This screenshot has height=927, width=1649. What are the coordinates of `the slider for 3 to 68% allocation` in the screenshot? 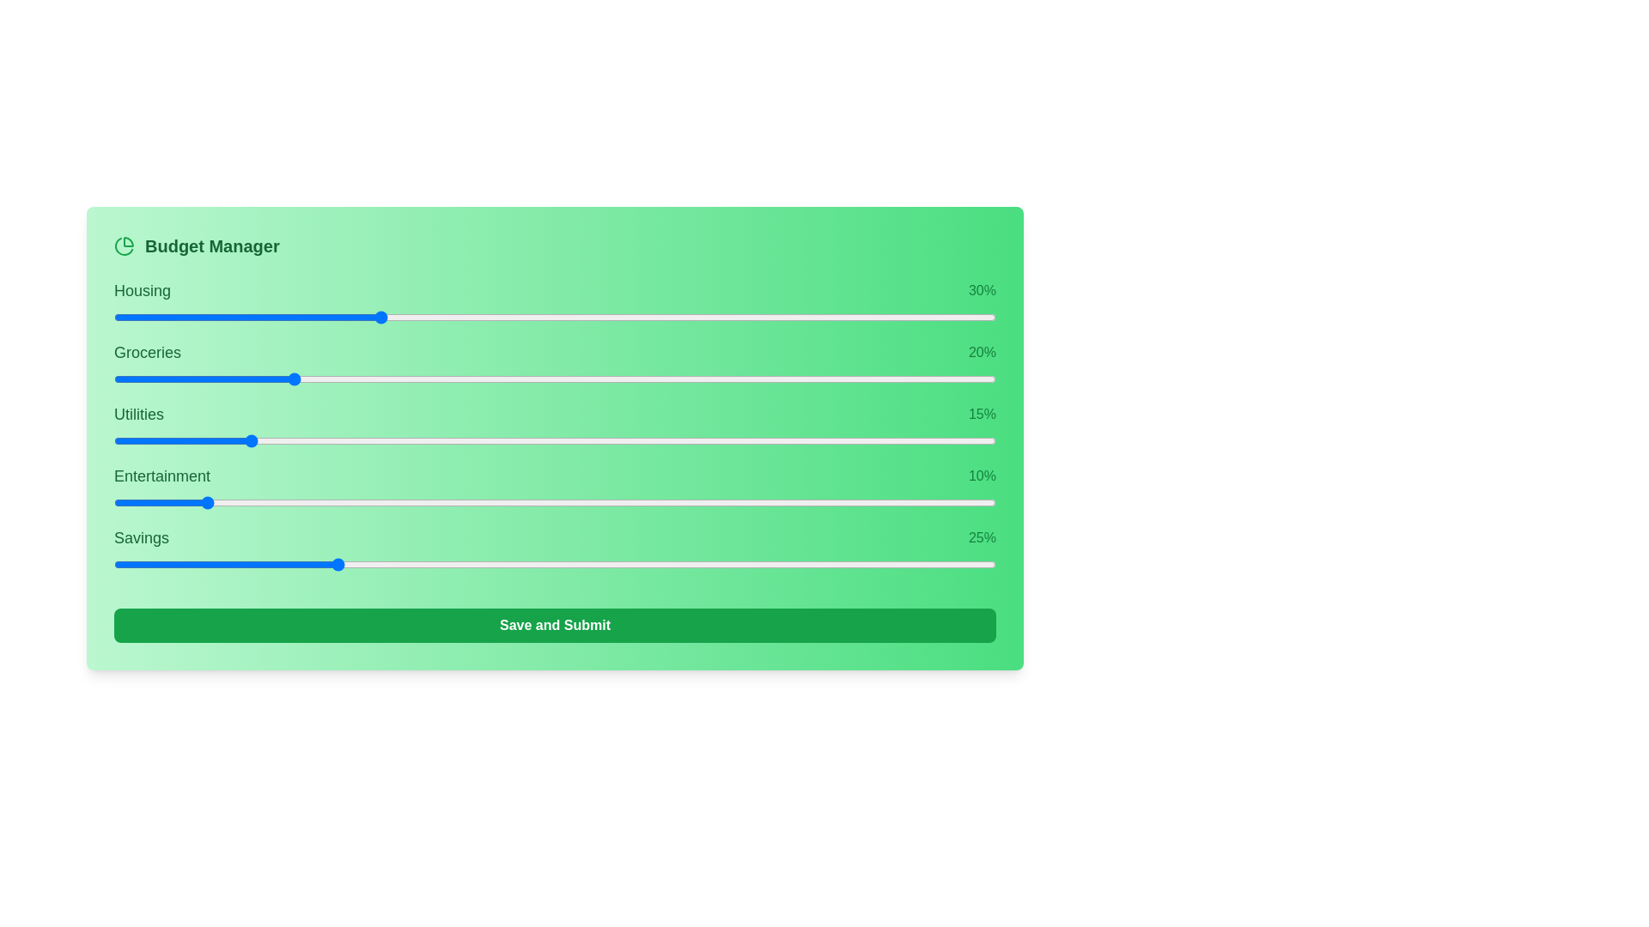 It's located at (855, 502).